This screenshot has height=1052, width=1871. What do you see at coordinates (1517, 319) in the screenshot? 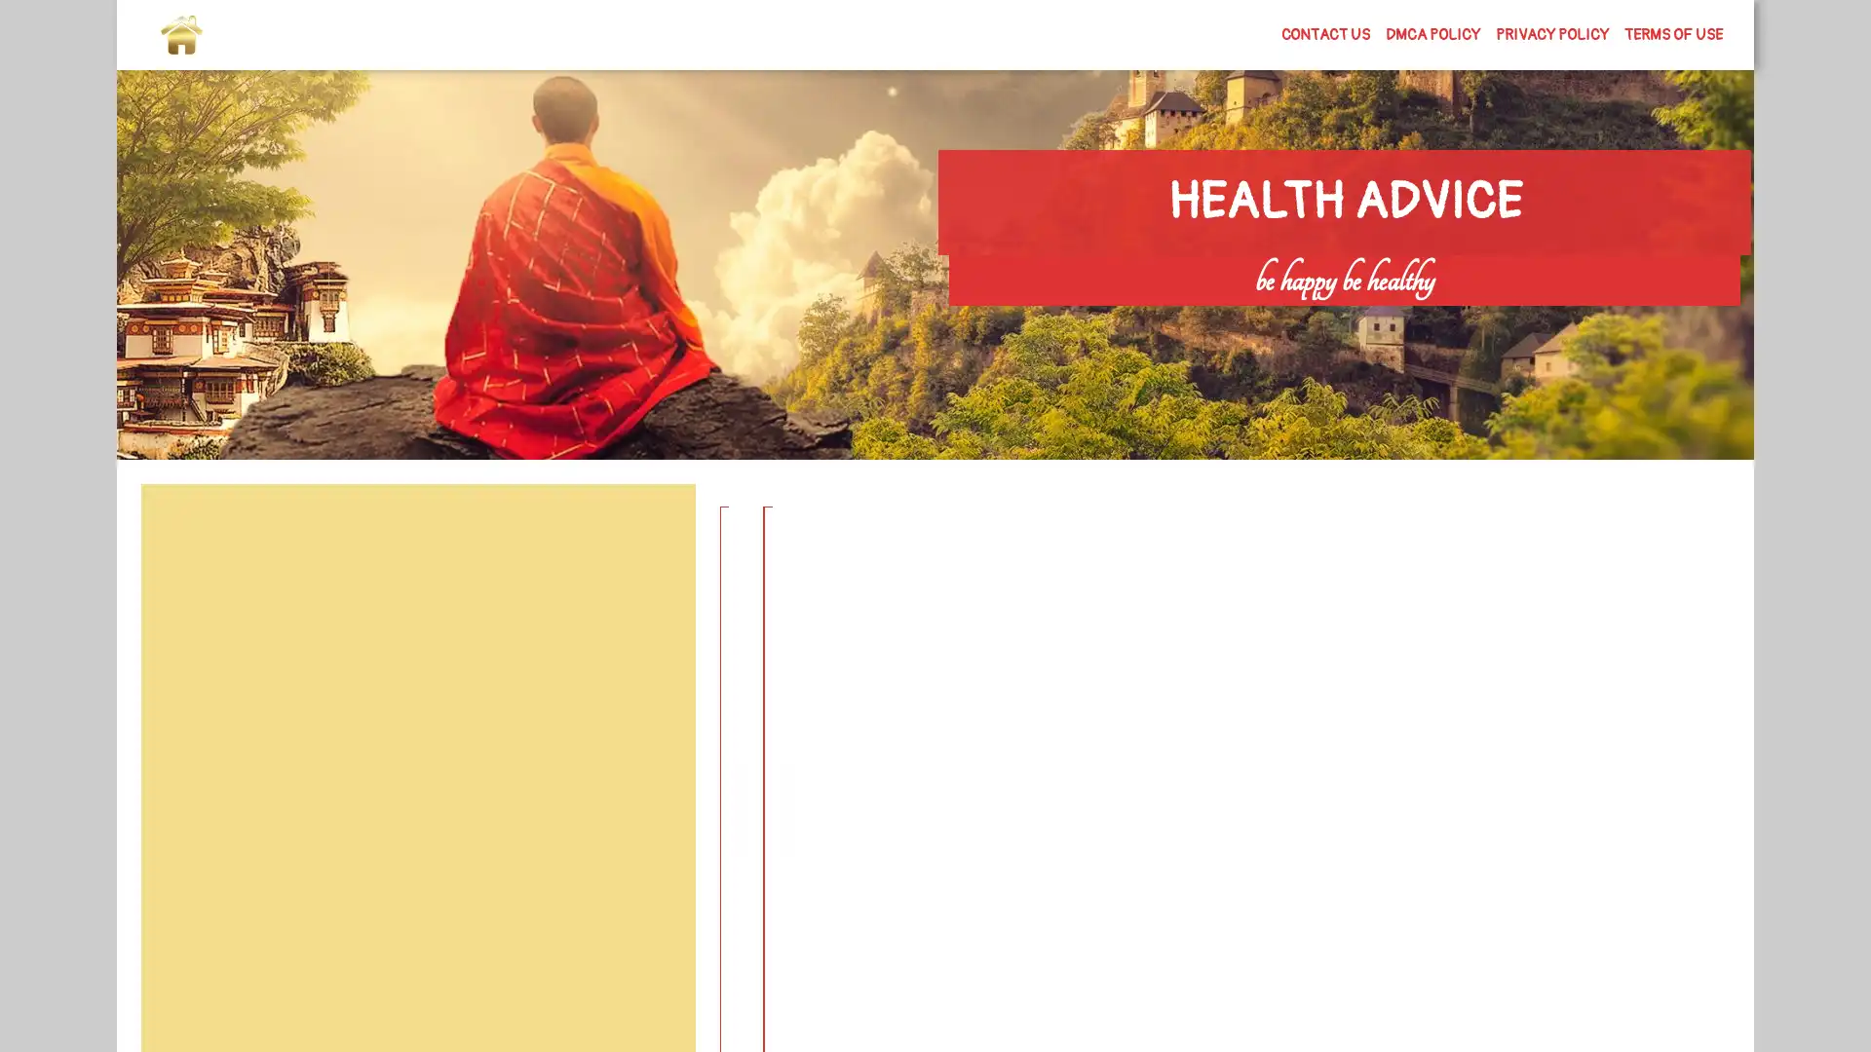
I see `Search` at bounding box center [1517, 319].